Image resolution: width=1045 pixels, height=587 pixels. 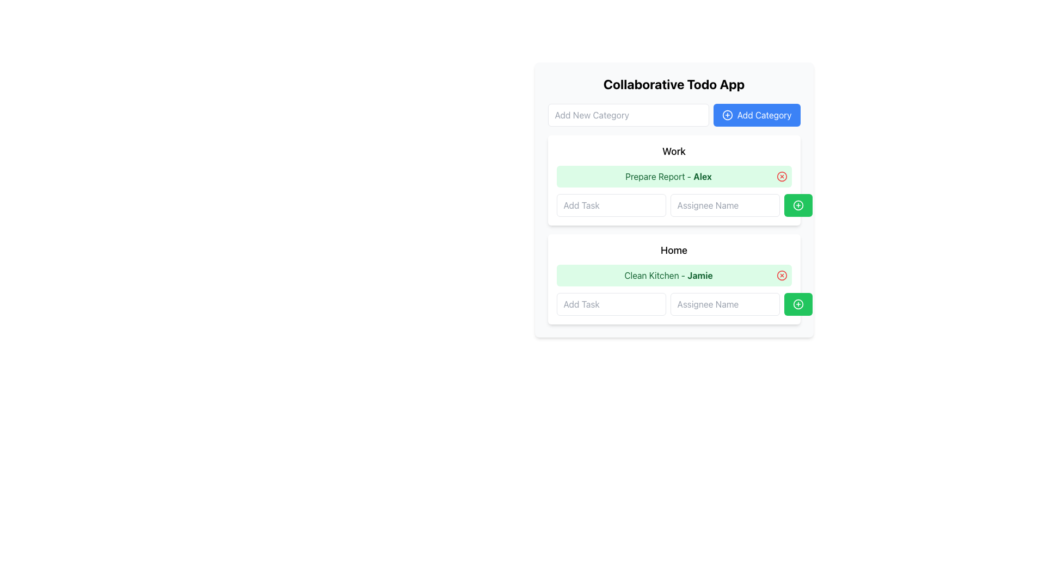 What do you see at coordinates (798, 304) in the screenshot?
I see `the circular icon button with a central plus sign, which is part of a button group located to the far right under the 'Home' section` at bounding box center [798, 304].